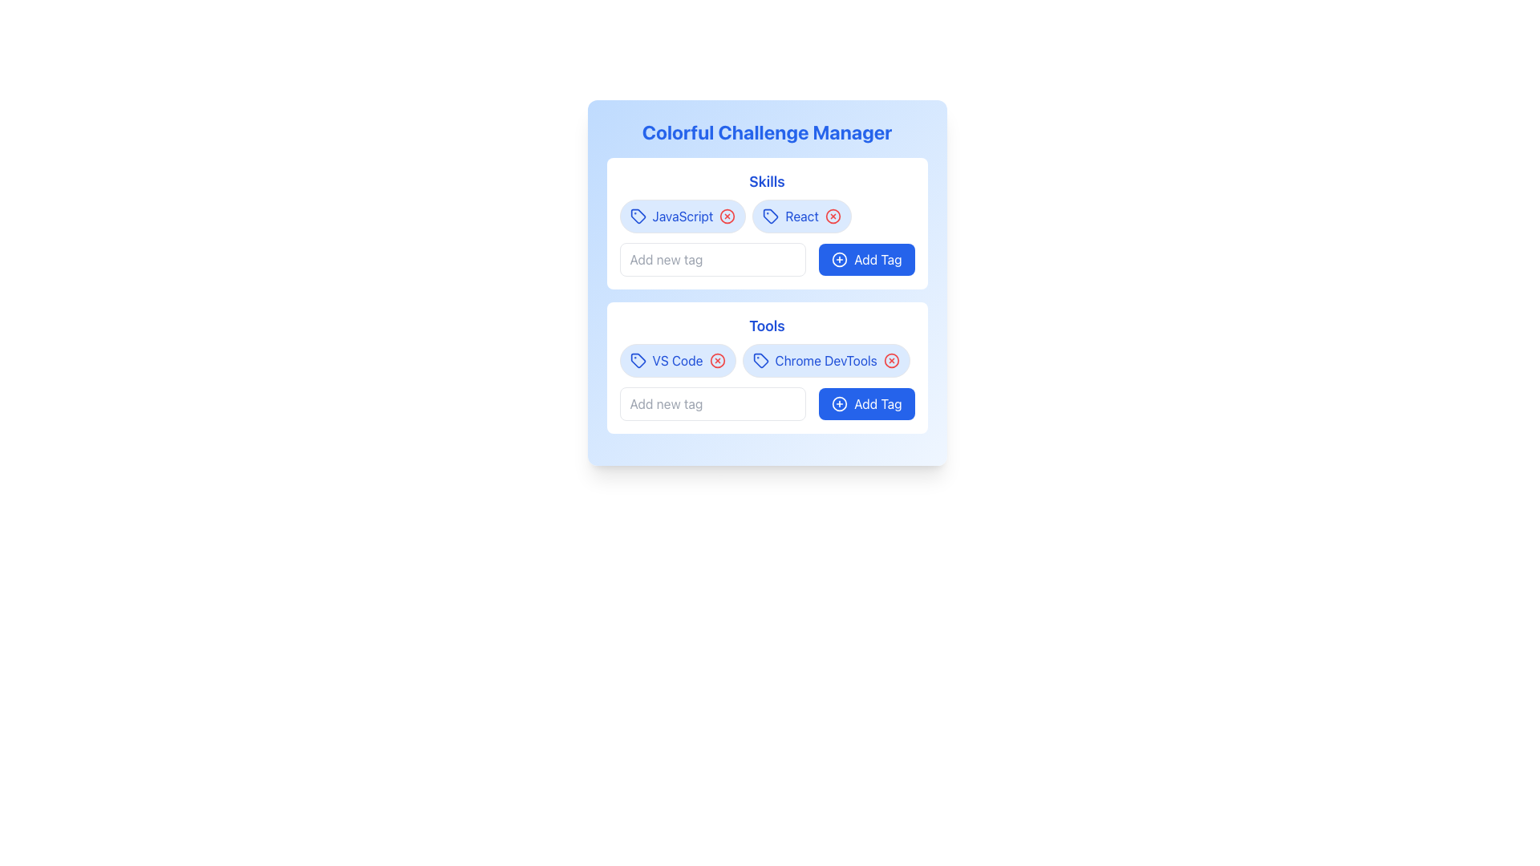 The image size is (1540, 866). What do you see at coordinates (839, 259) in the screenshot?
I see `the icon within the 'Add Tag' button located in the 'Skills' section, which is positioned to the left of the button` at bounding box center [839, 259].